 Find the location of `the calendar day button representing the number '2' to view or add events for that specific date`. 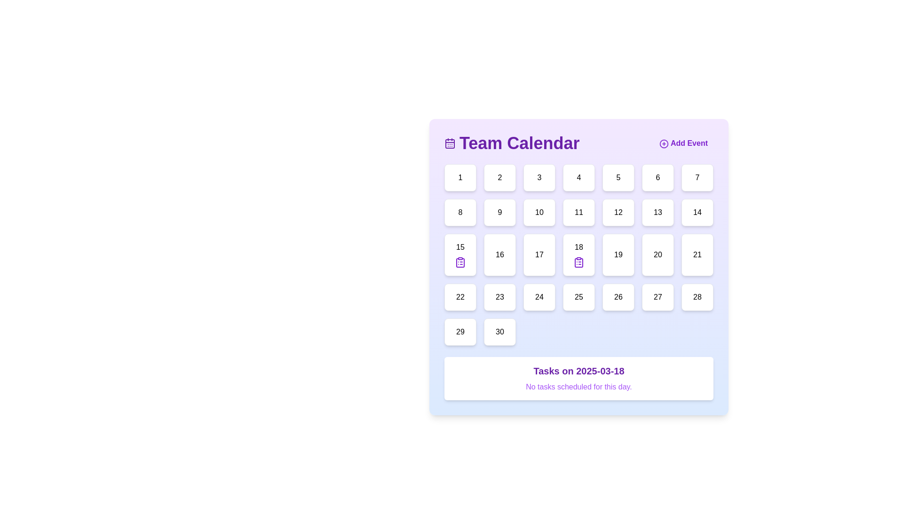

the calendar day button representing the number '2' to view or add events for that specific date is located at coordinates (499, 178).